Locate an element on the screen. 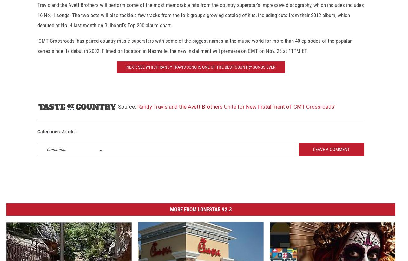 The width and height of the screenshot is (408, 261). ':' is located at coordinates (61, 137).